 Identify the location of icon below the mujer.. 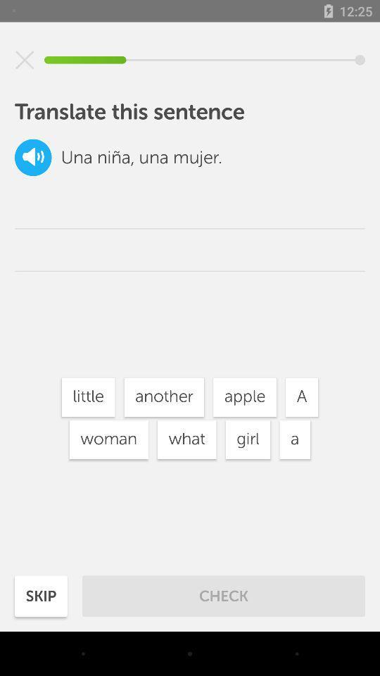
(244, 397).